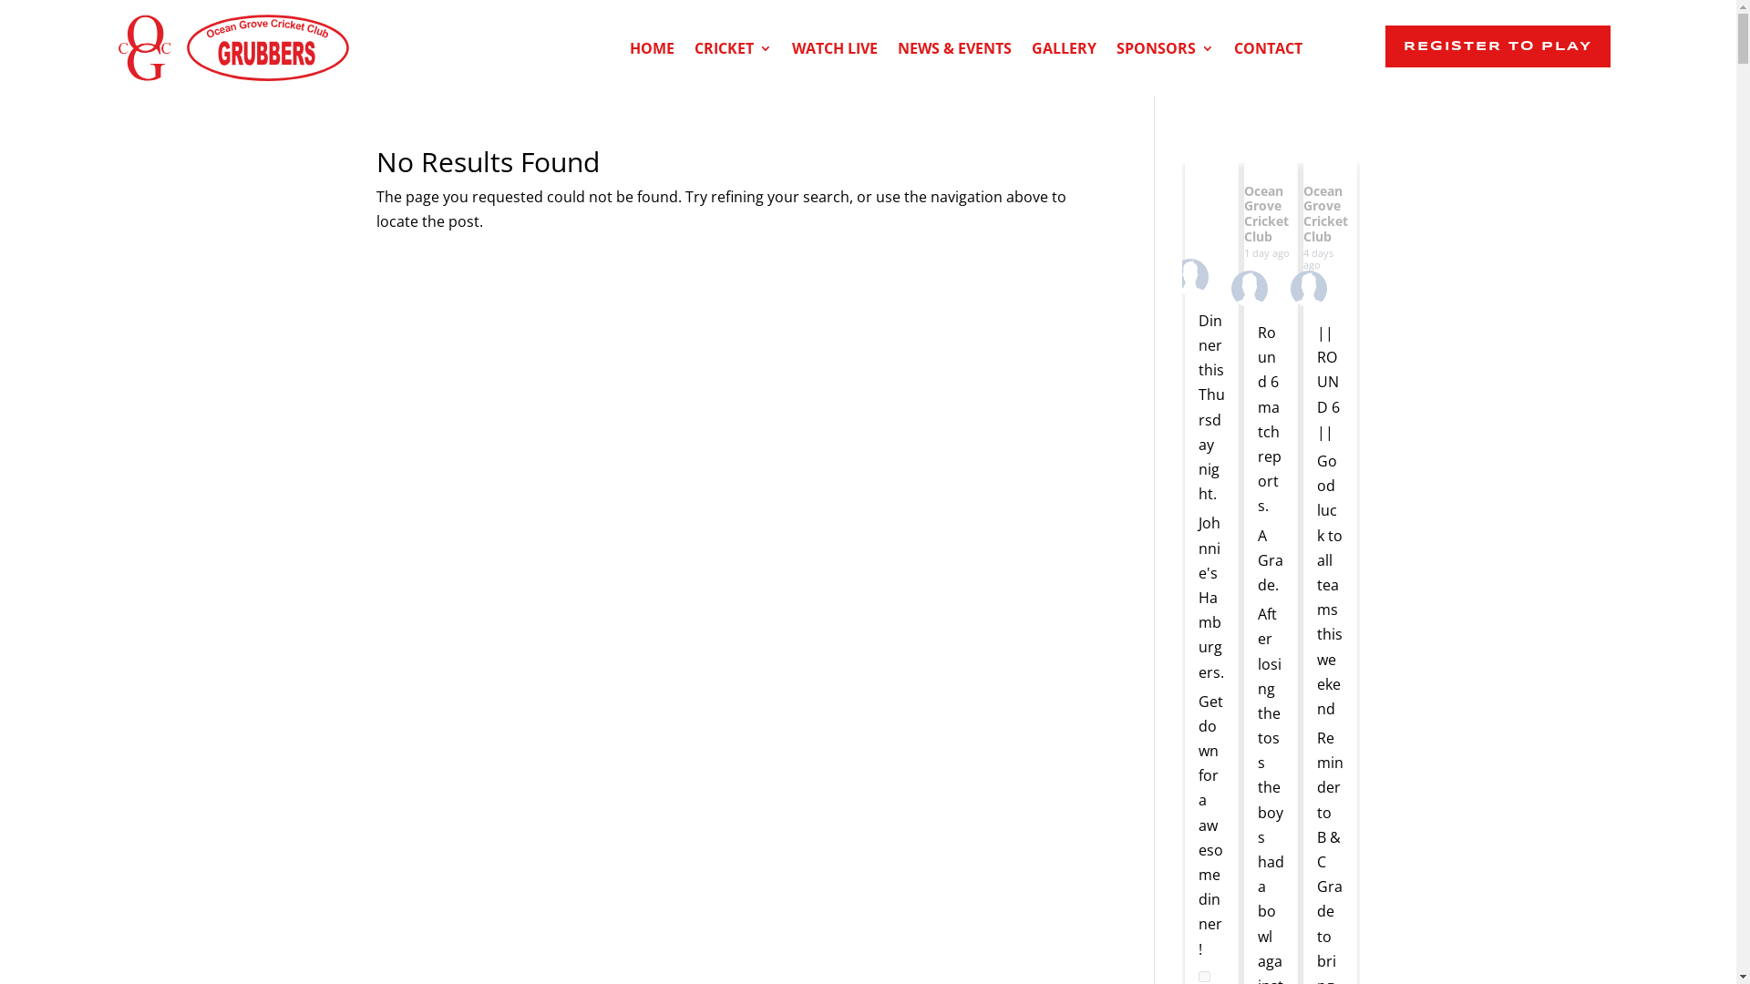 The width and height of the screenshot is (1750, 984). I want to click on 'GALLERY', so click(1032, 51).